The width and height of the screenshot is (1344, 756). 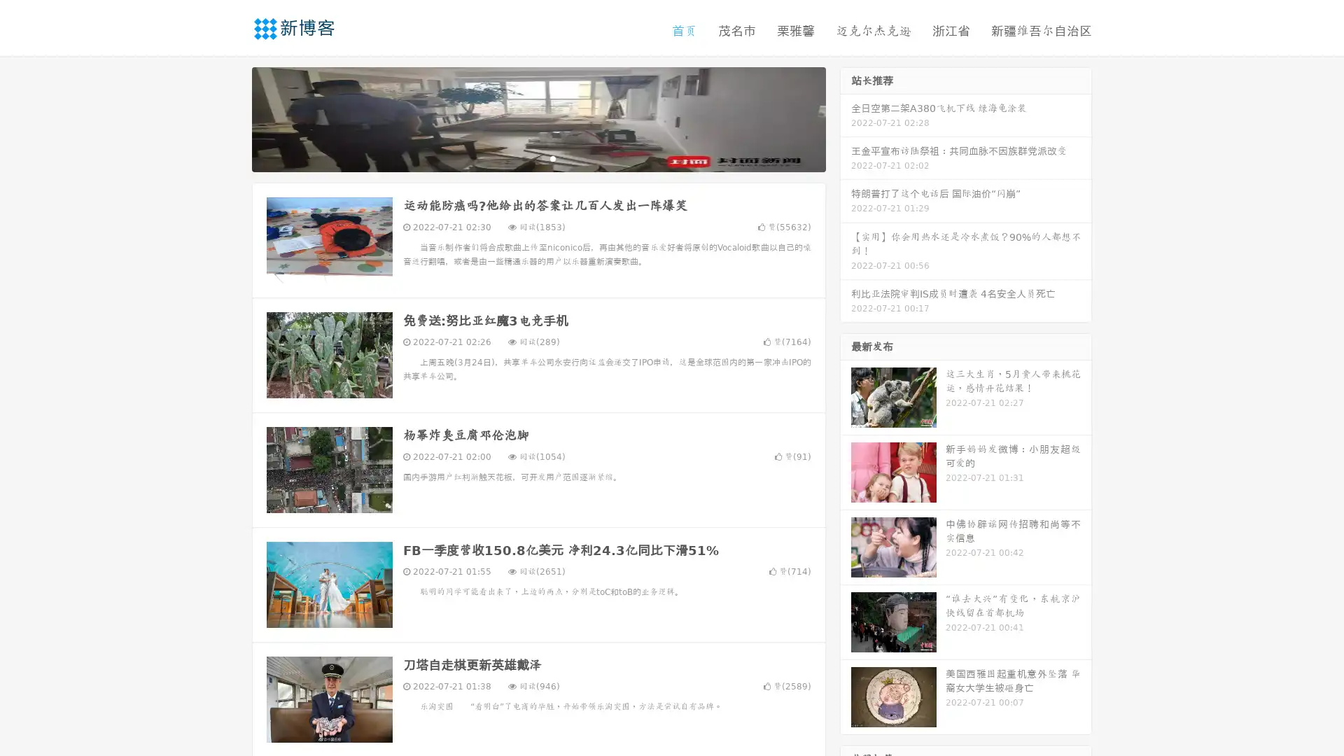 I want to click on Go to slide 2, so click(x=538, y=157).